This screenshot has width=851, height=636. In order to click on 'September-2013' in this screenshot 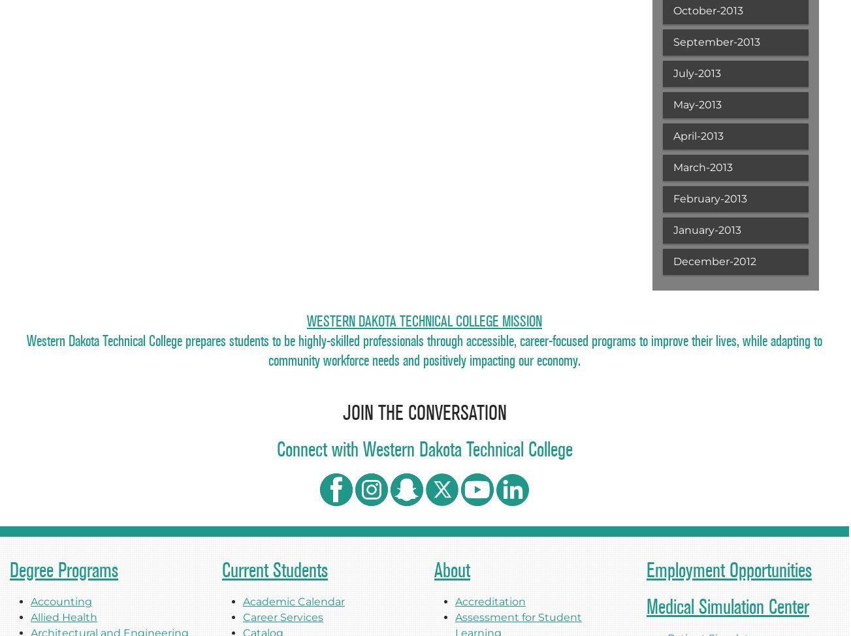, I will do `click(715, 42)`.